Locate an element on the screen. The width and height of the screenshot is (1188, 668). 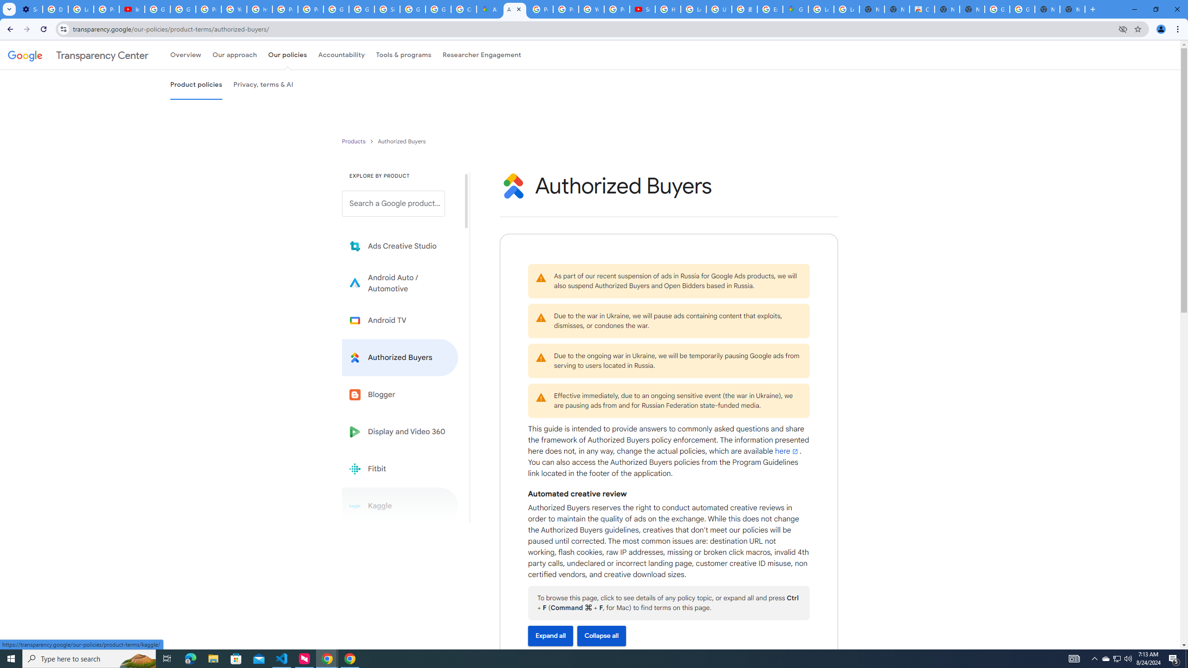
'Google Maps' is located at coordinates (794, 9).